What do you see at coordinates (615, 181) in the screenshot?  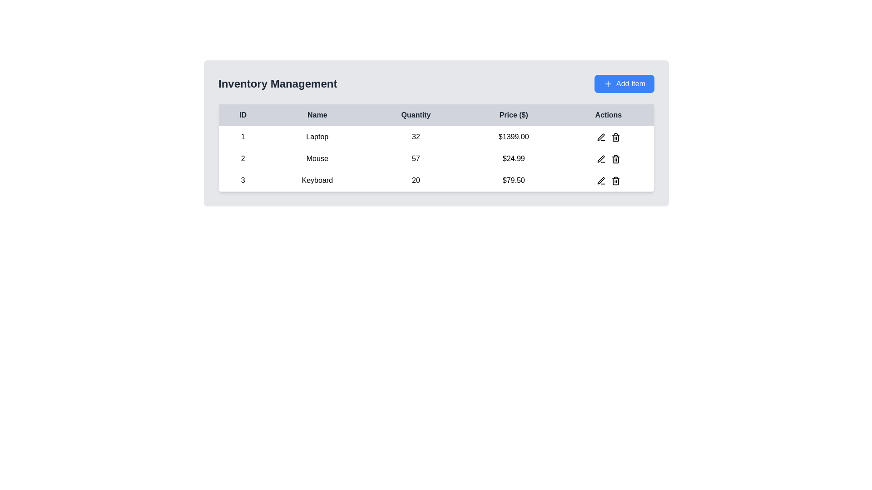 I see `the trash bin icon located in the 'Actions' column of the table, specifically in the third row corresponding to the 'Keyboard' item` at bounding box center [615, 181].